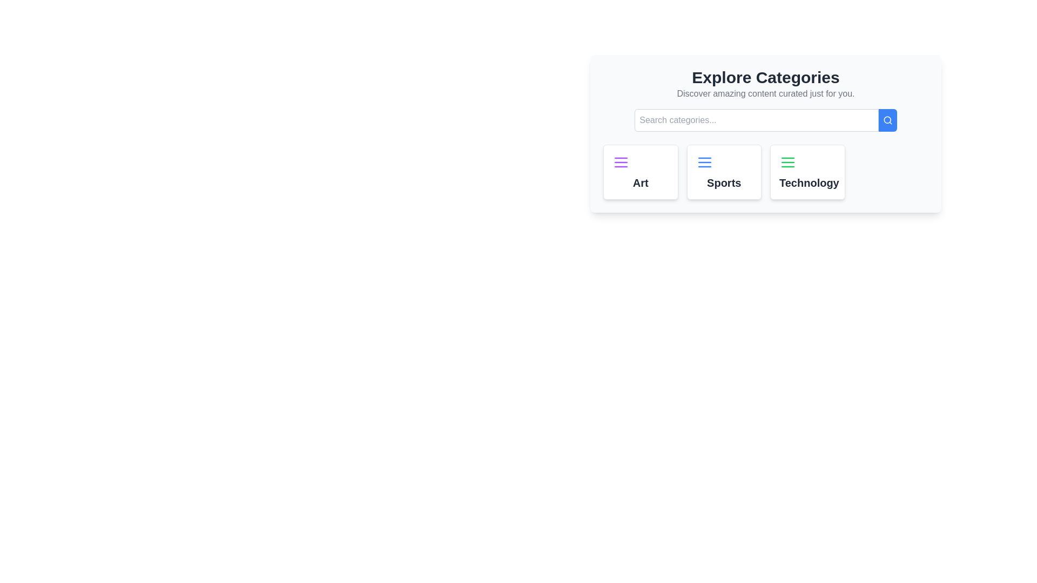 This screenshot has width=1037, height=583. Describe the element at coordinates (887, 120) in the screenshot. I see `the magnifying glass icon located at the top-right corner of the search bar` at that location.